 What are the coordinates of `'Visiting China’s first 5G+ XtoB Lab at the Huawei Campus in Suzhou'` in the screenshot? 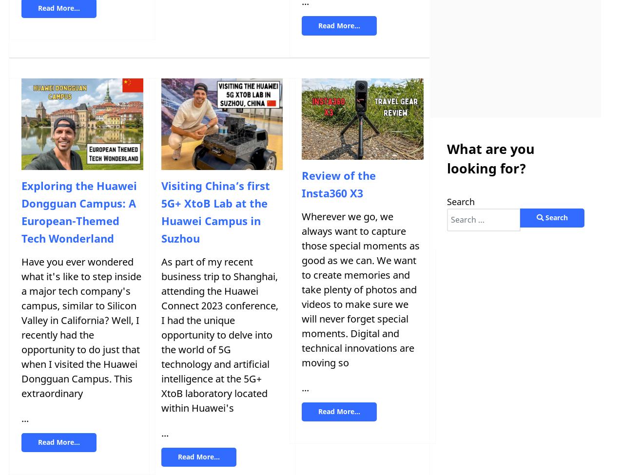 It's located at (215, 211).